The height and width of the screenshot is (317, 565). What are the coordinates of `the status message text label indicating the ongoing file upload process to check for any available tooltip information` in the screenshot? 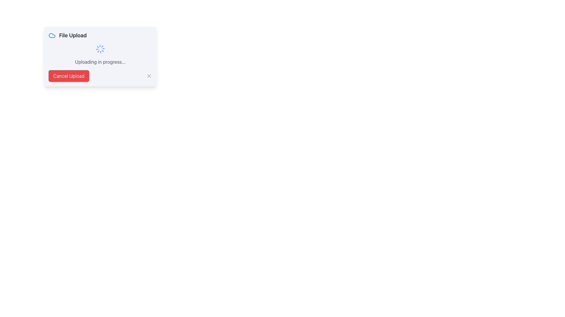 It's located at (100, 62).